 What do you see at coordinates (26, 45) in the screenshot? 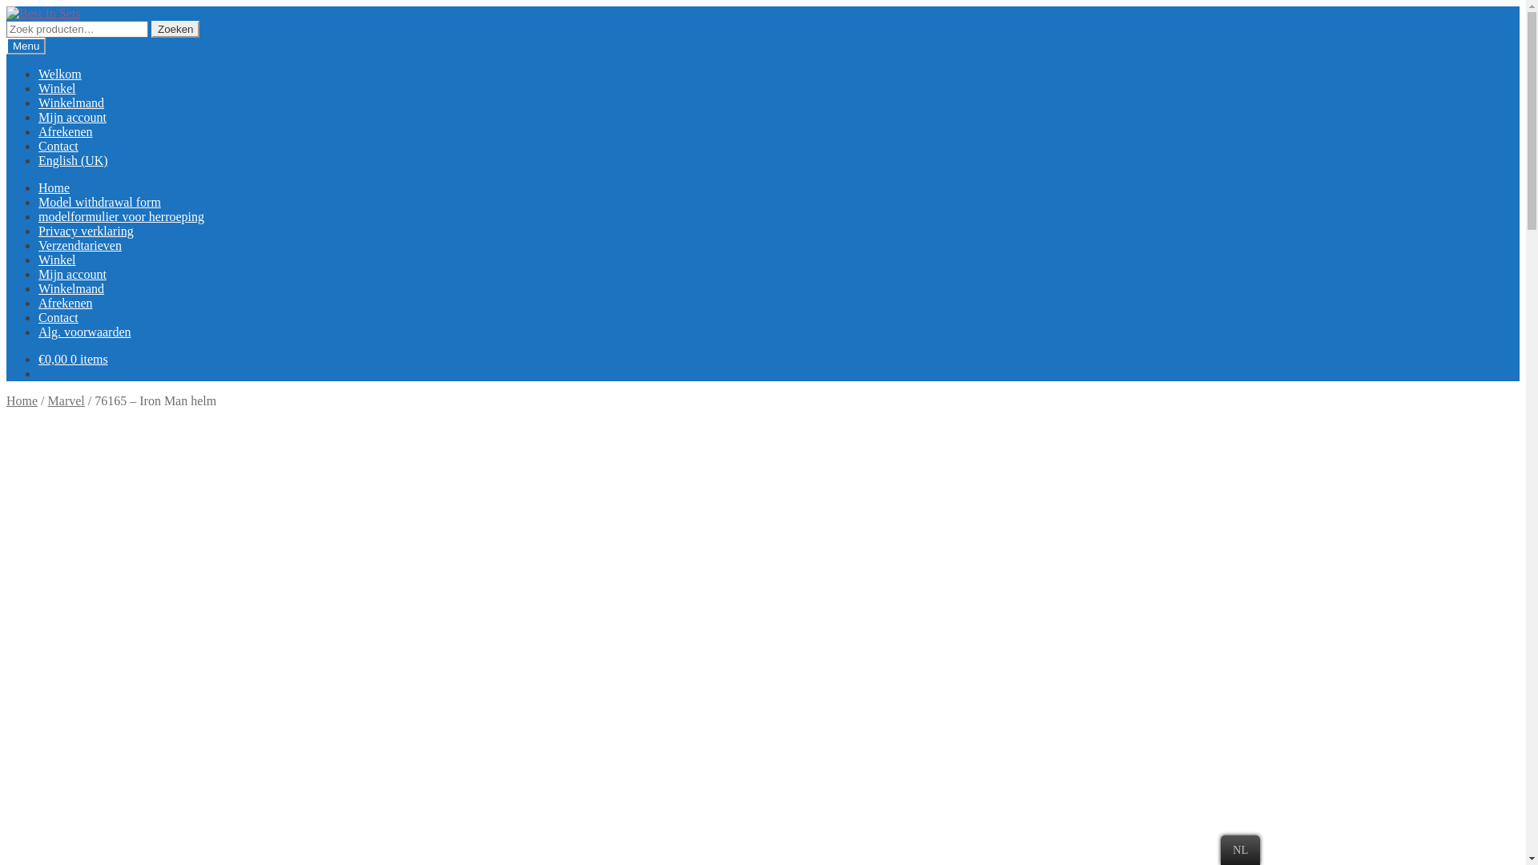
I see `'Menu'` at bounding box center [26, 45].